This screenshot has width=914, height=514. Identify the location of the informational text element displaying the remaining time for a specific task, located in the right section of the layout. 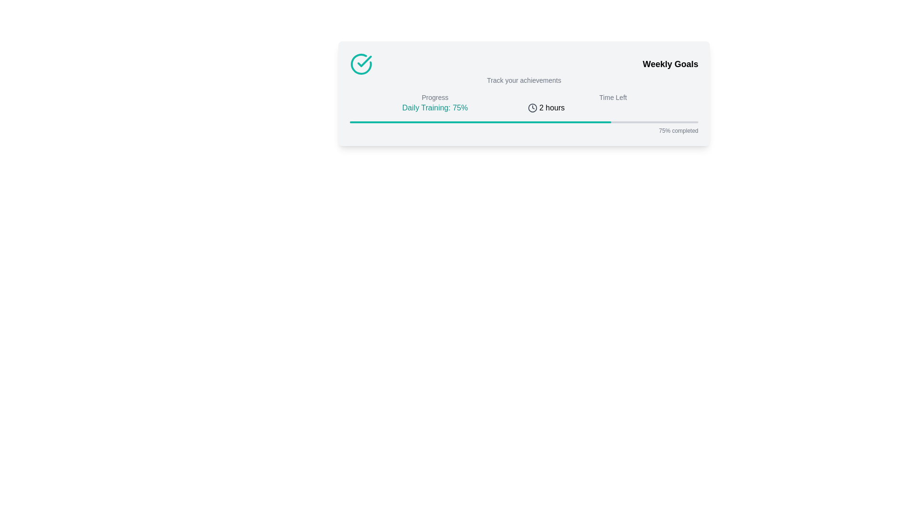
(613, 103).